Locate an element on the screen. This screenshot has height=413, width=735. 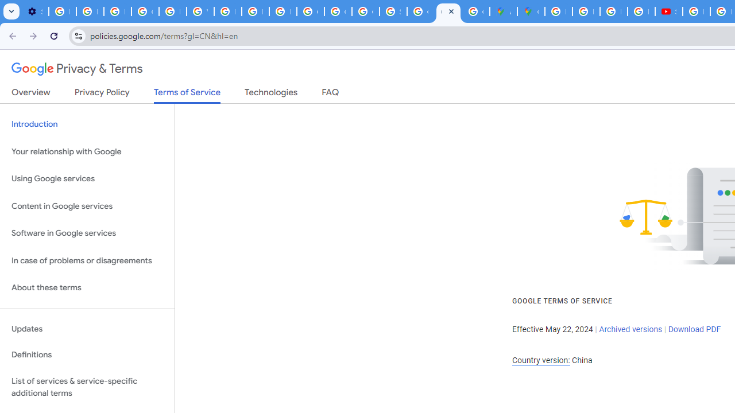
'Your relationship with Google' is located at coordinates (87, 151).